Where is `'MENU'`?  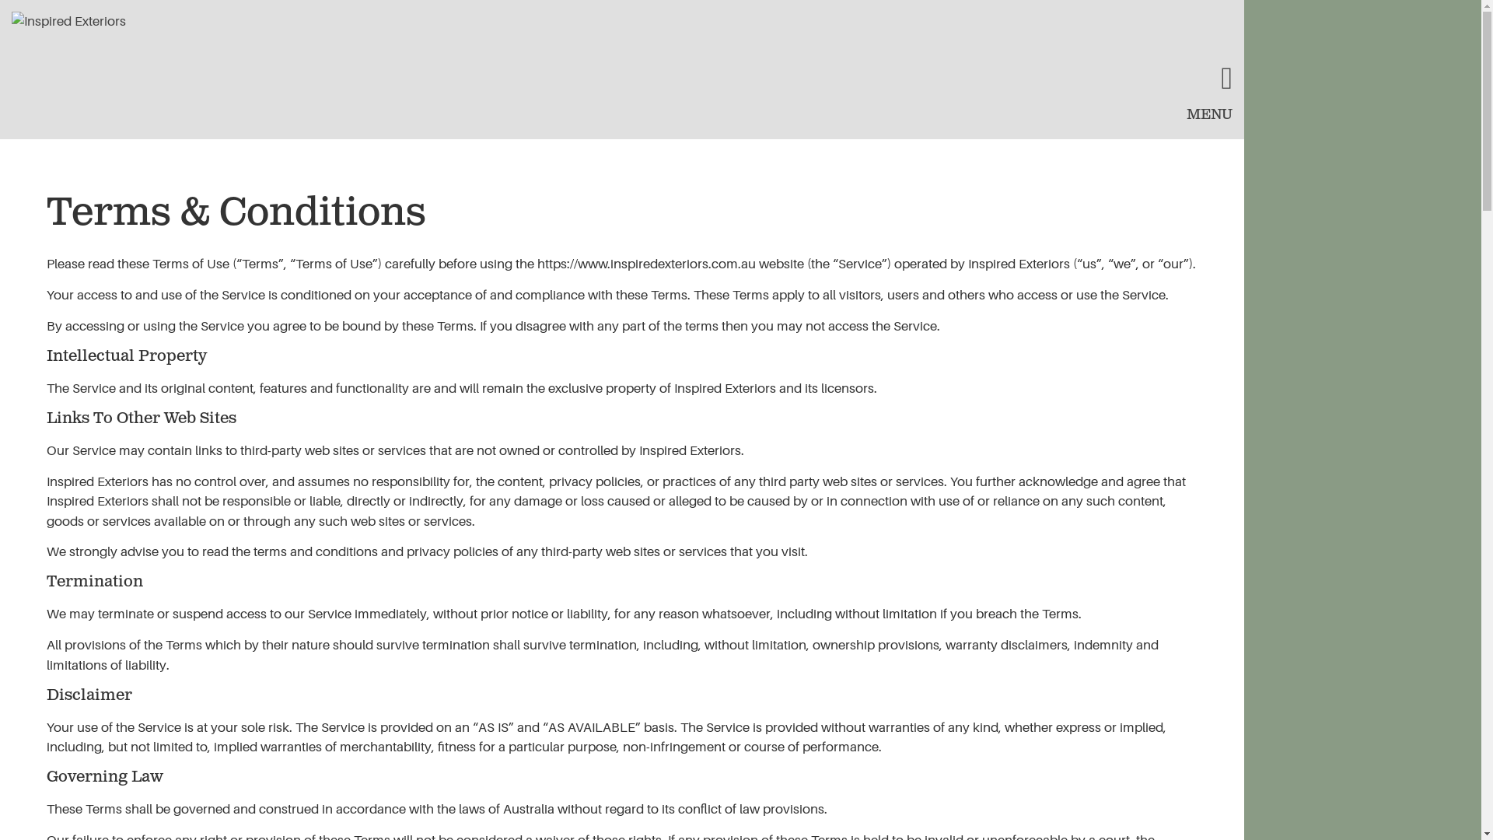 'MENU' is located at coordinates (1208, 115).